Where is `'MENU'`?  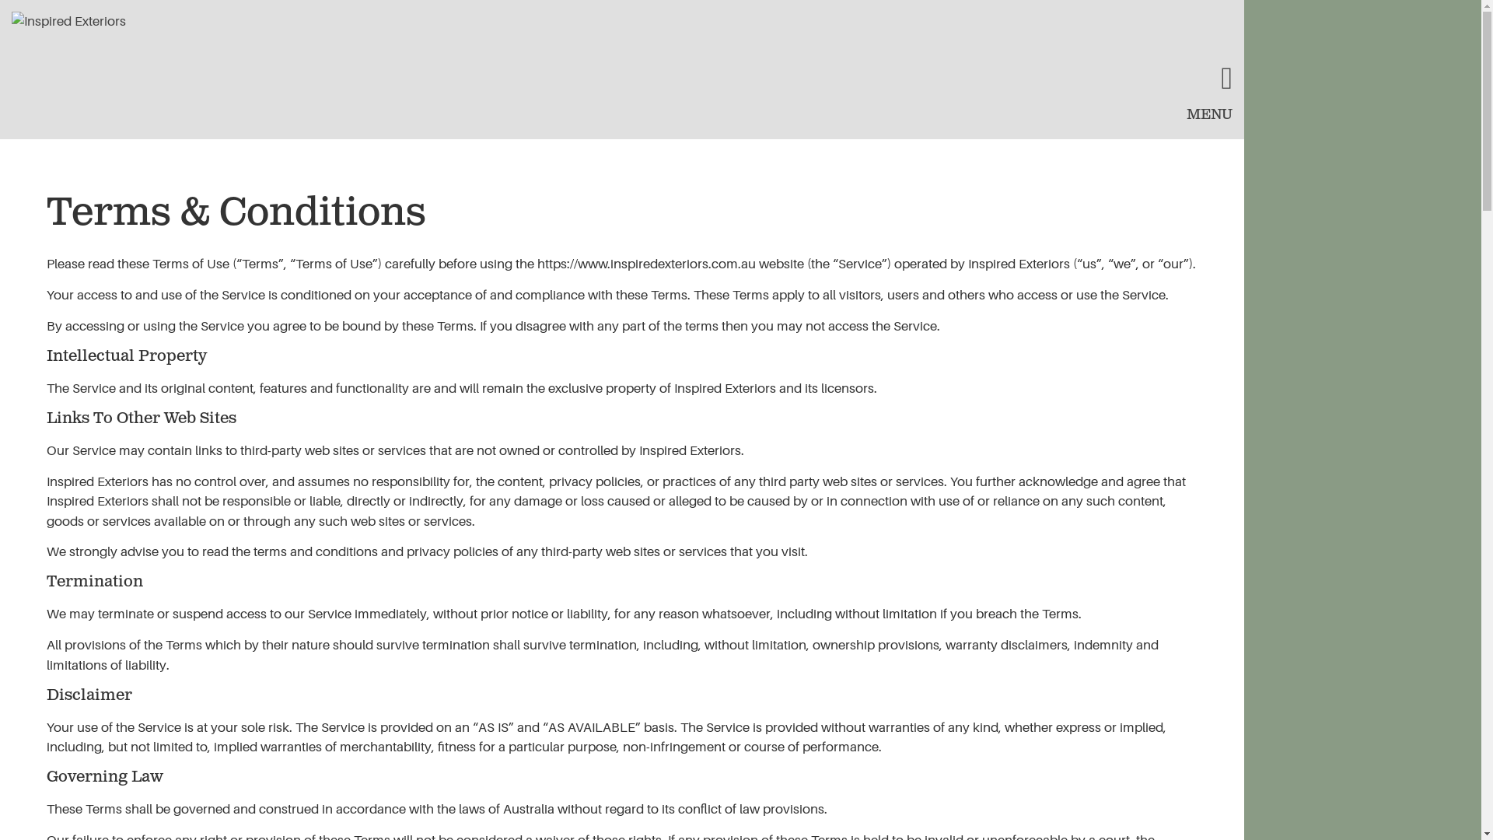 'MENU' is located at coordinates (1208, 115).